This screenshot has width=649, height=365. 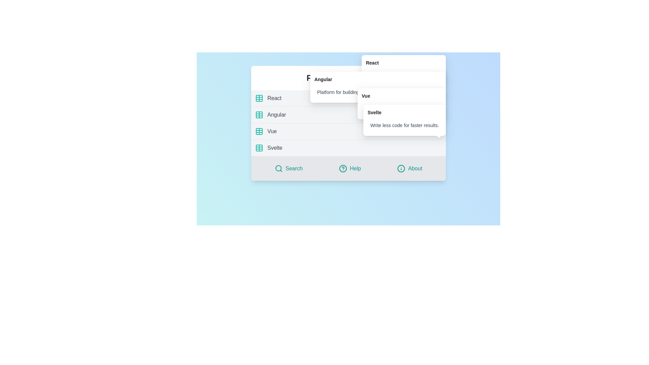 I want to click on the teal stroked circular information icon located to the left of the text 'About' in the footer navigation bar, so click(x=401, y=168).